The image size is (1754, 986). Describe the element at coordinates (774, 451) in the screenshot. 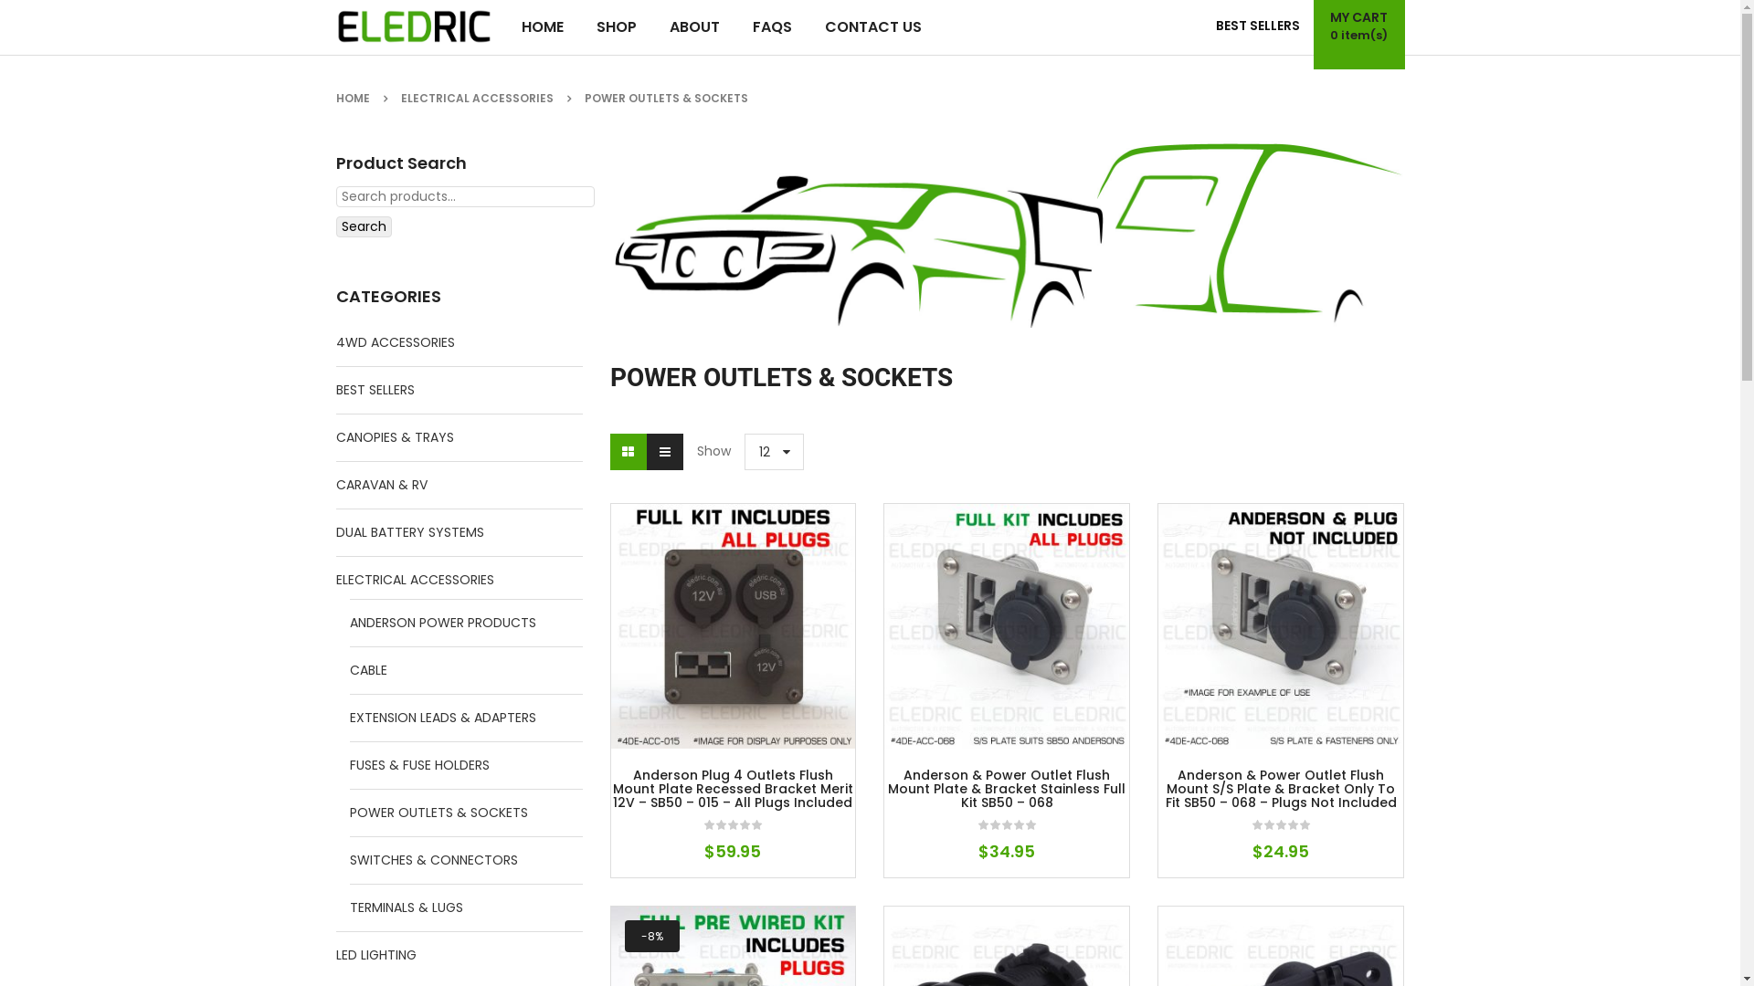

I see `'12'` at that location.